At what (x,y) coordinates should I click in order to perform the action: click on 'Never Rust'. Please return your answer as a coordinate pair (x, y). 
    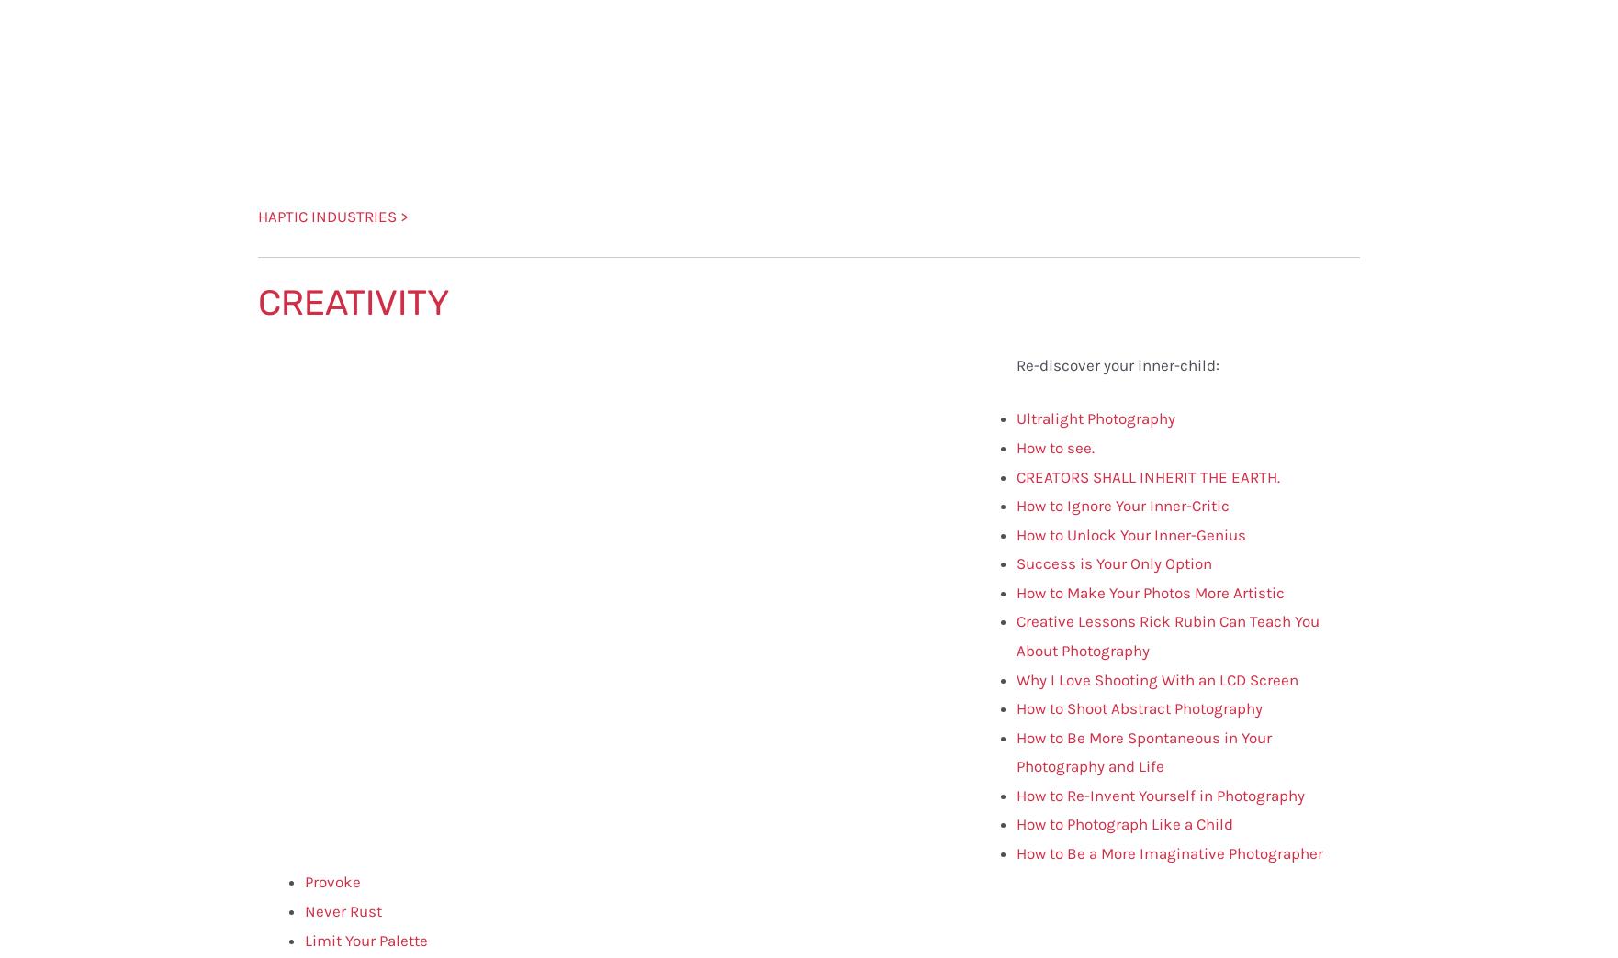
    Looking at the image, I should click on (343, 910).